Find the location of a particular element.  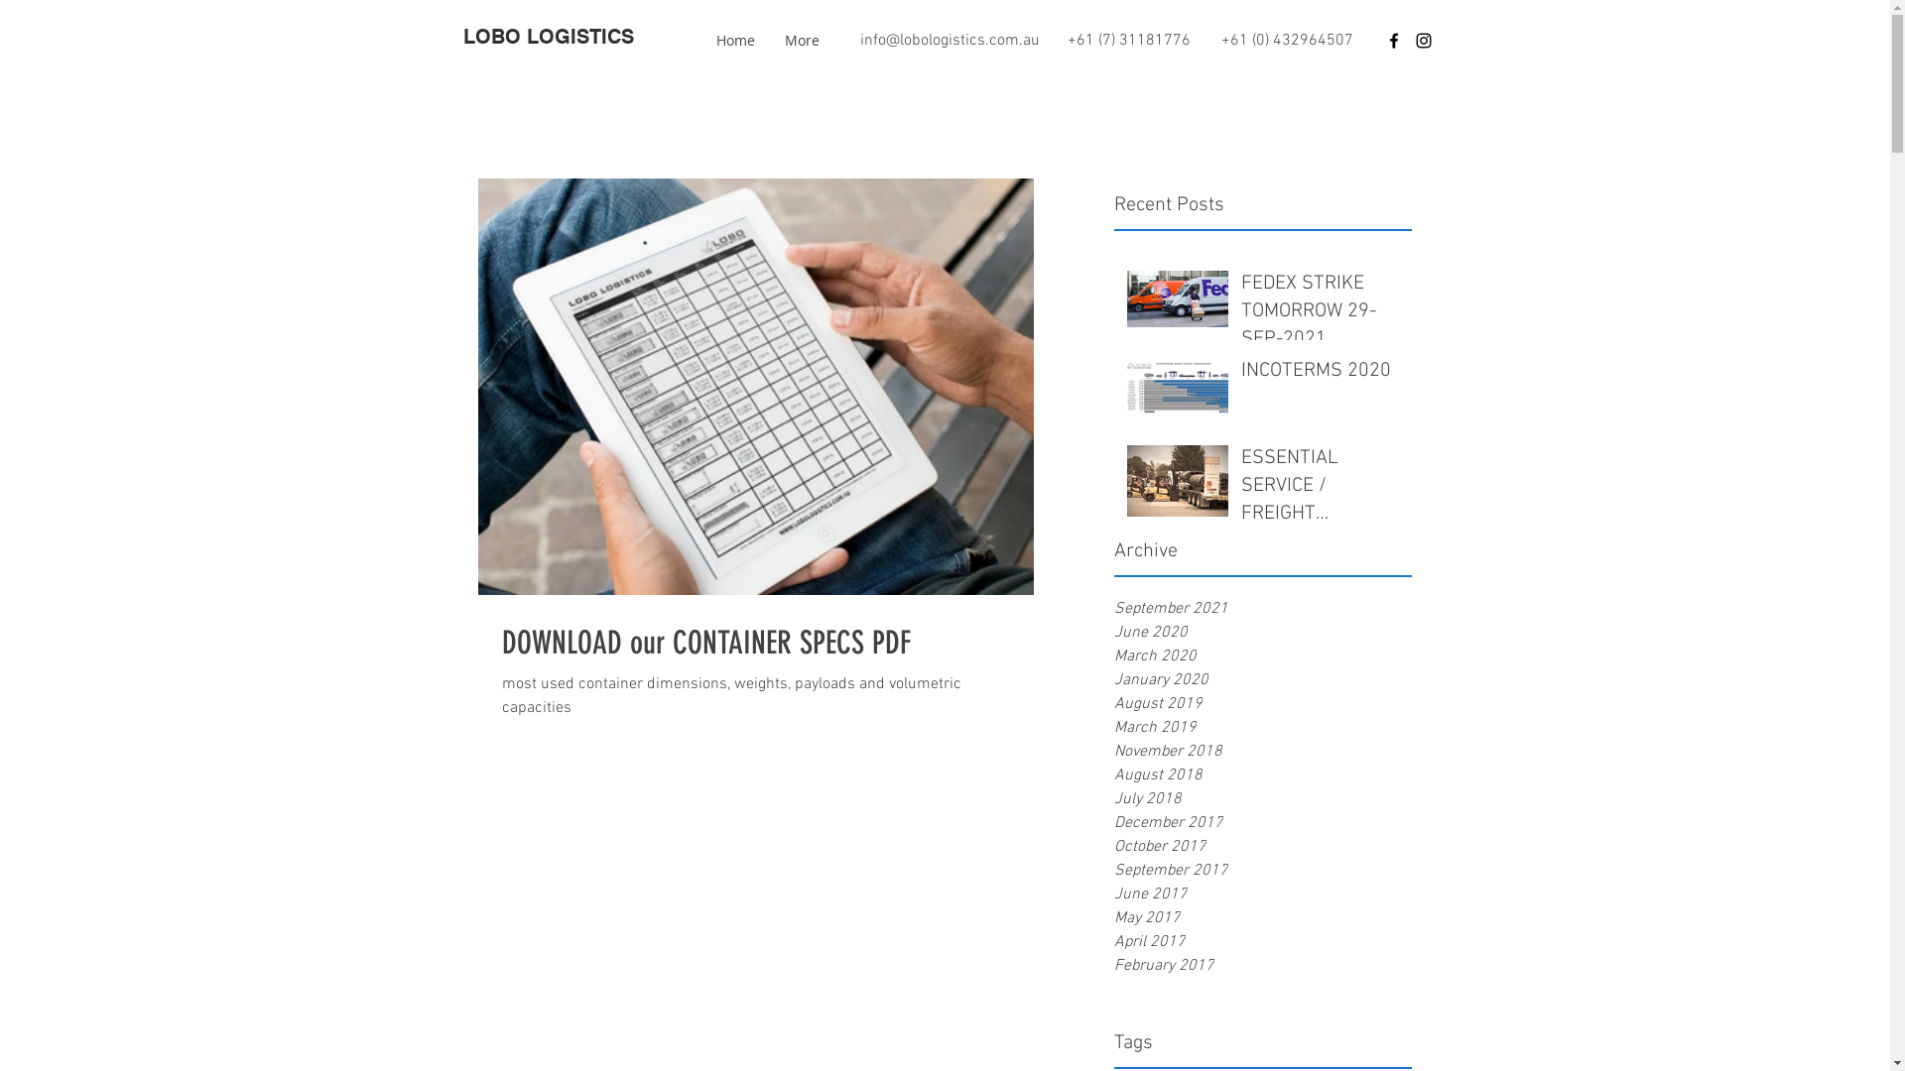

'DOWNLOAD our CONTAINER SPECS PDF' is located at coordinates (755, 643).